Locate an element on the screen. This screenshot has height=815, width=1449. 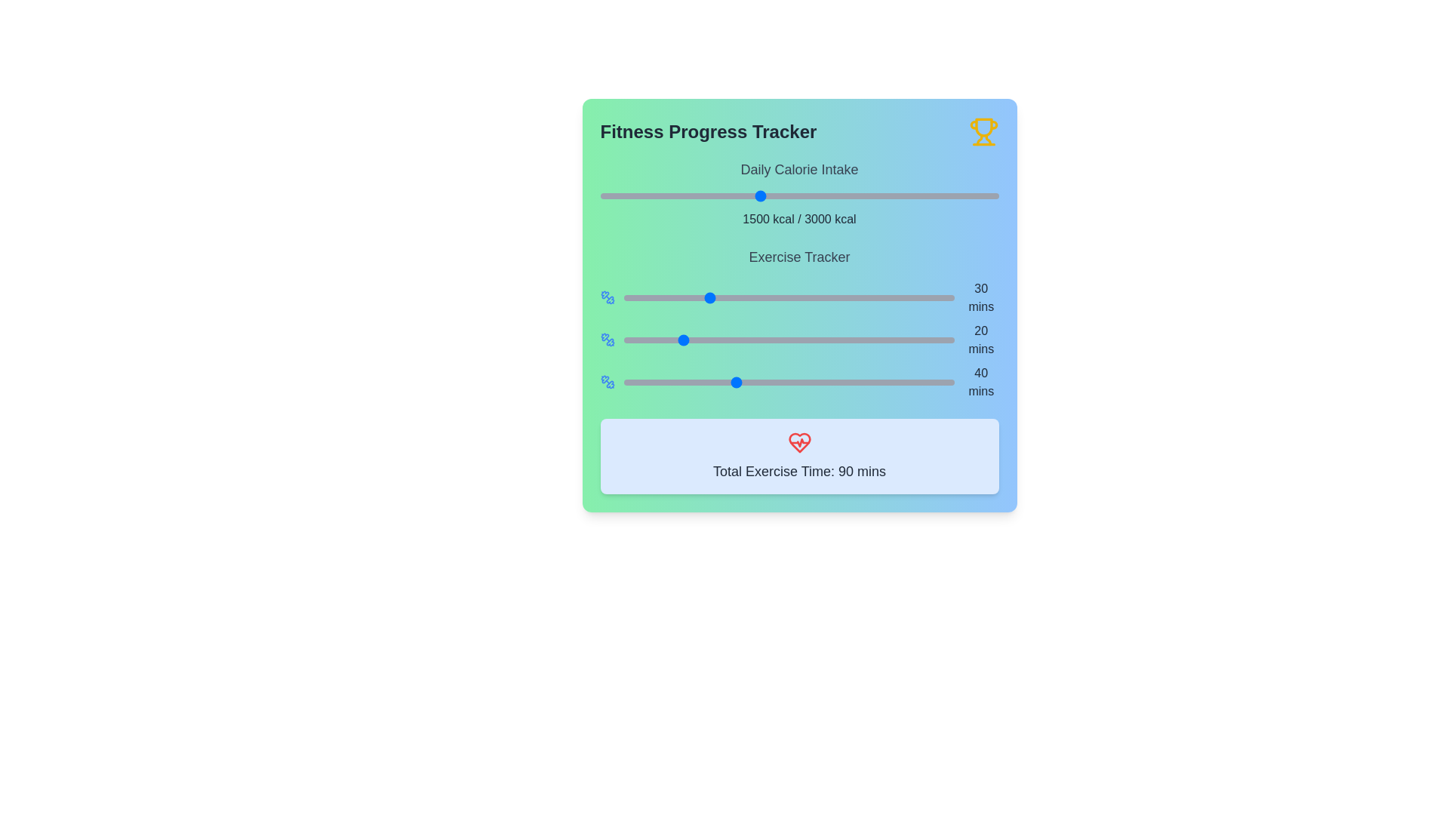
the slider value is located at coordinates (681, 340).